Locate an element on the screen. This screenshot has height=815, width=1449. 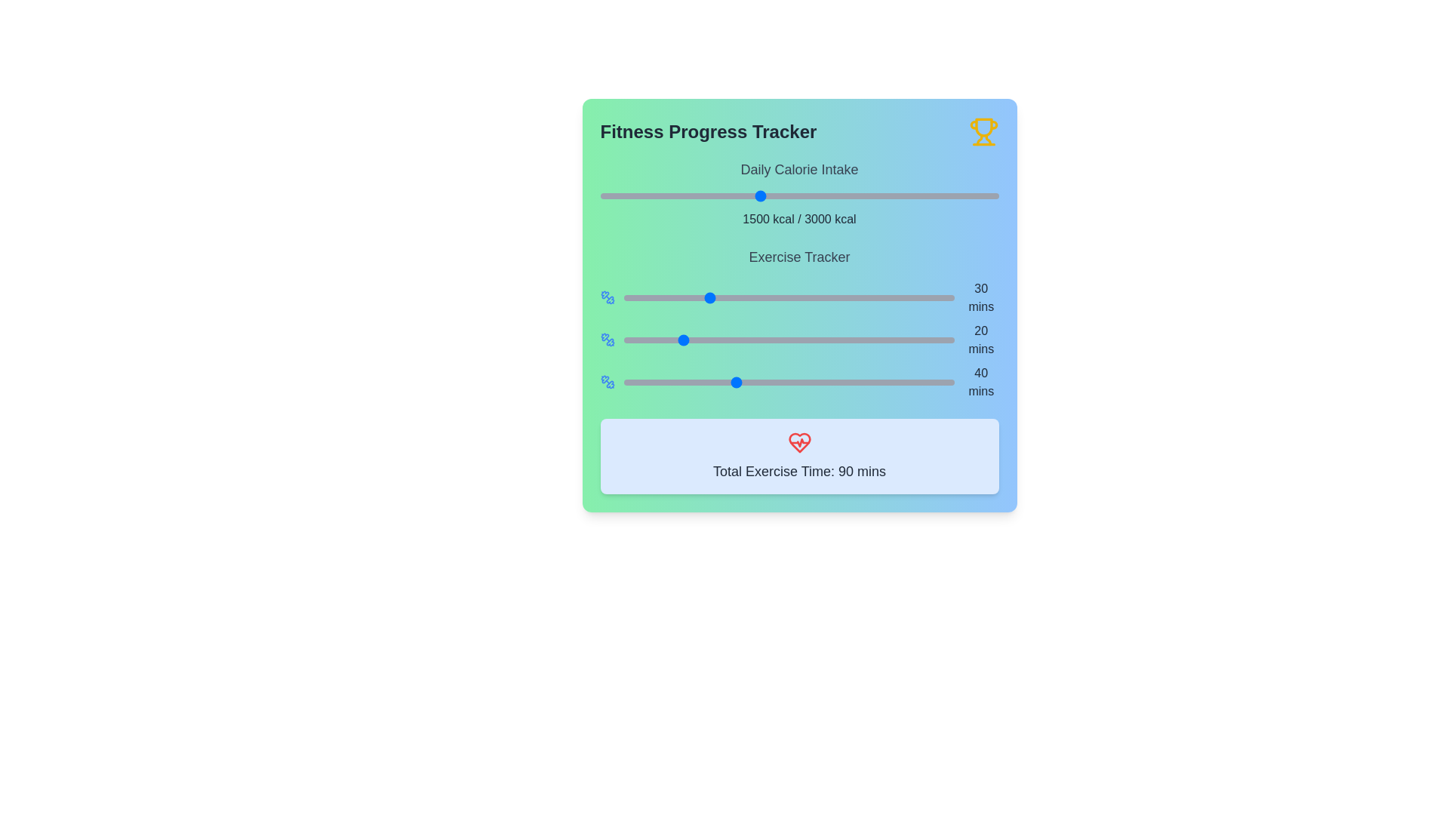
the slider value is located at coordinates (681, 340).